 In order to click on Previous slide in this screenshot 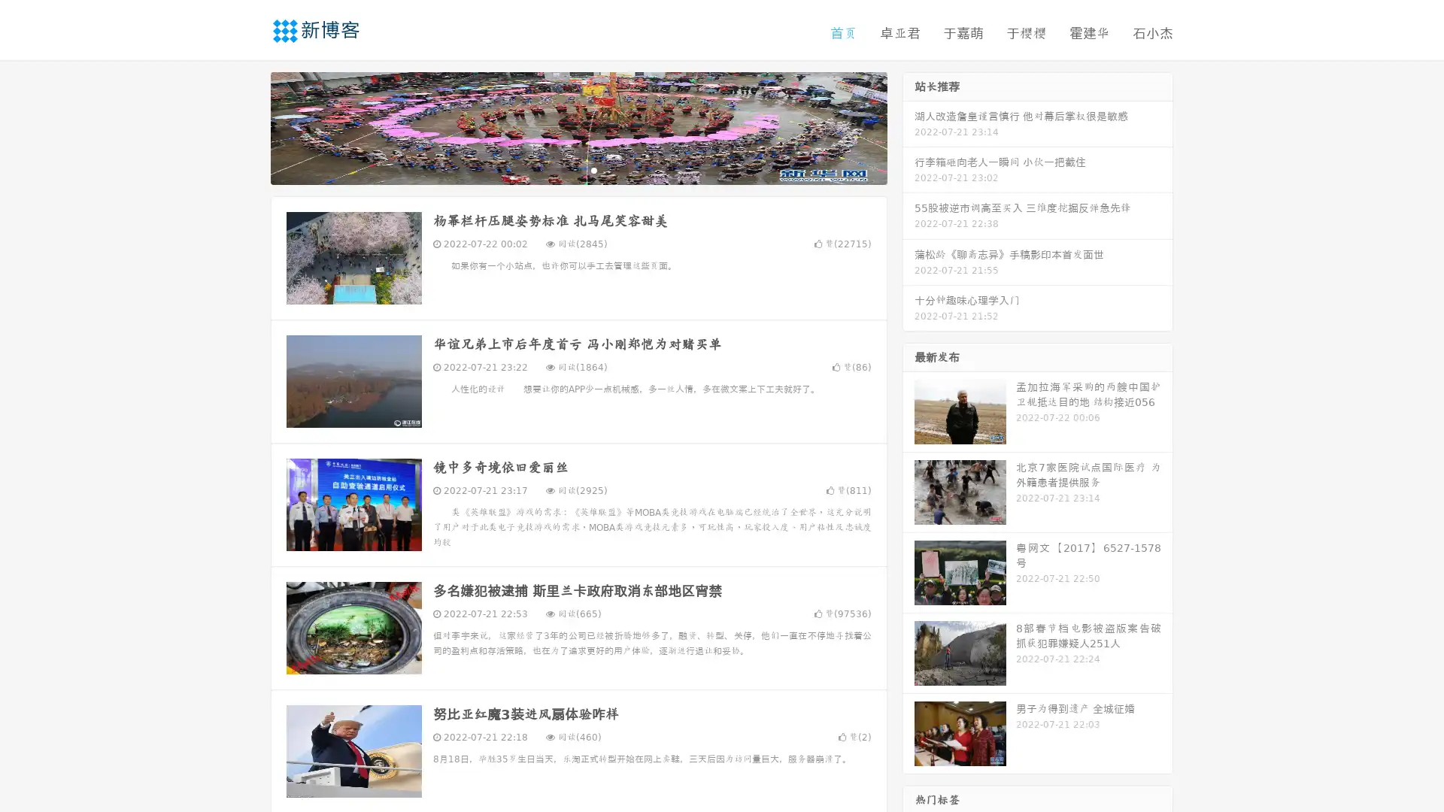, I will do `click(248, 126)`.